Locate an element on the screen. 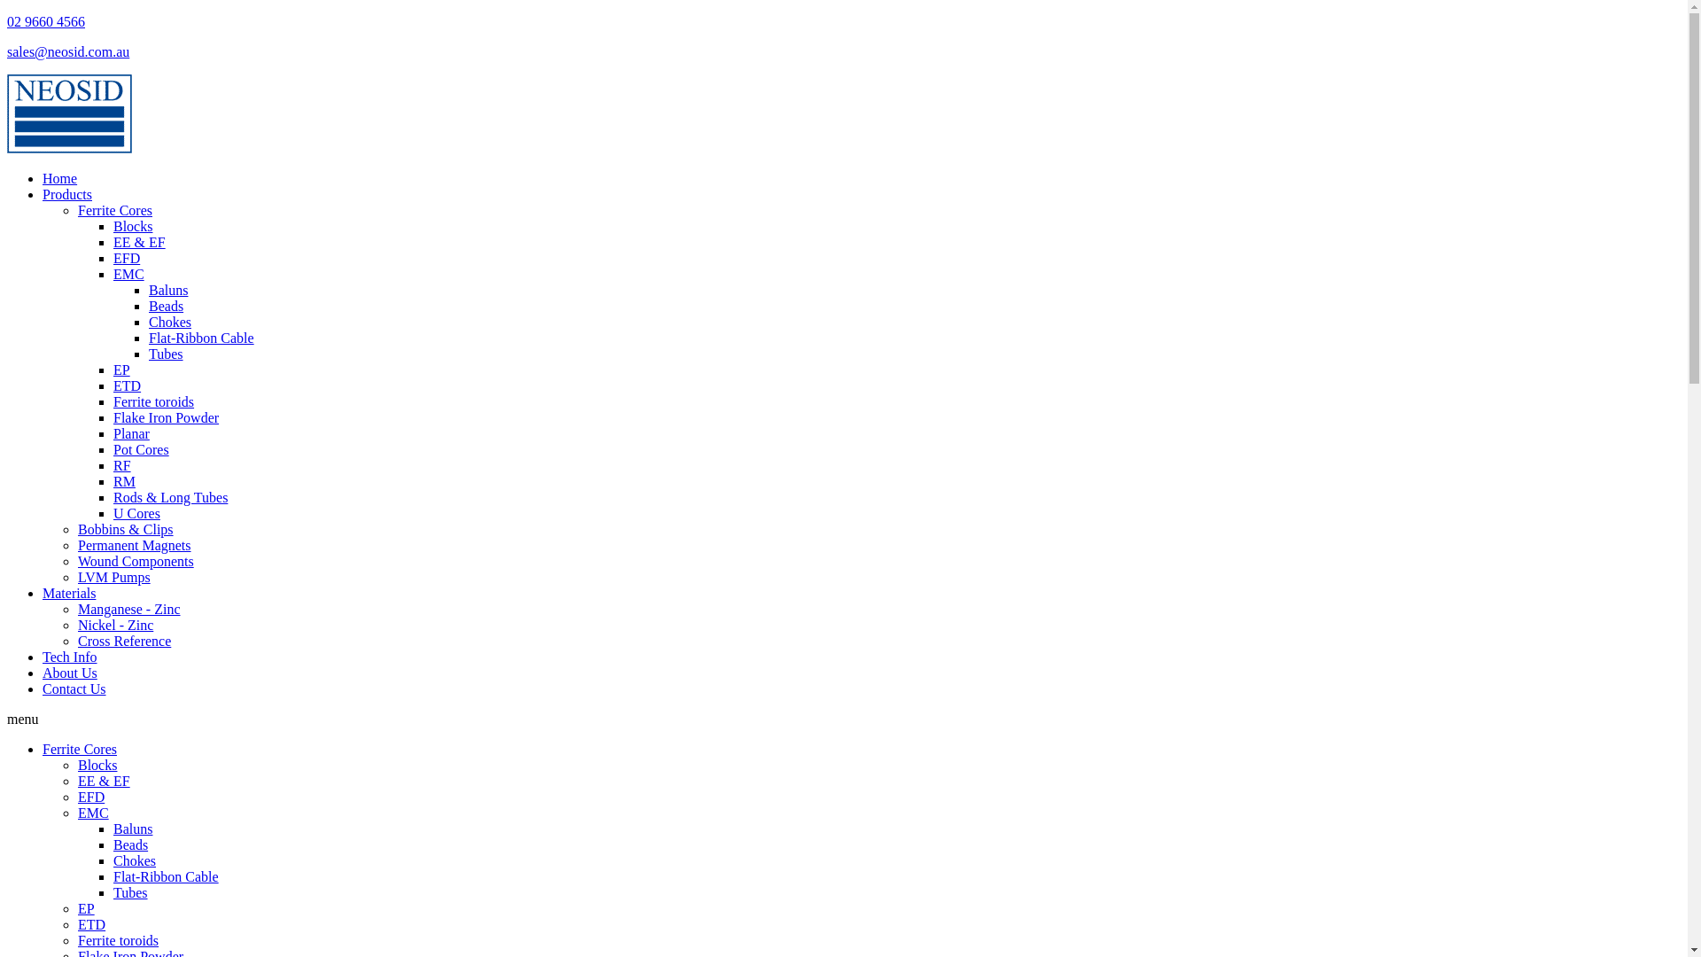 The width and height of the screenshot is (1701, 957). 'Home' is located at coordinates (59, 178).